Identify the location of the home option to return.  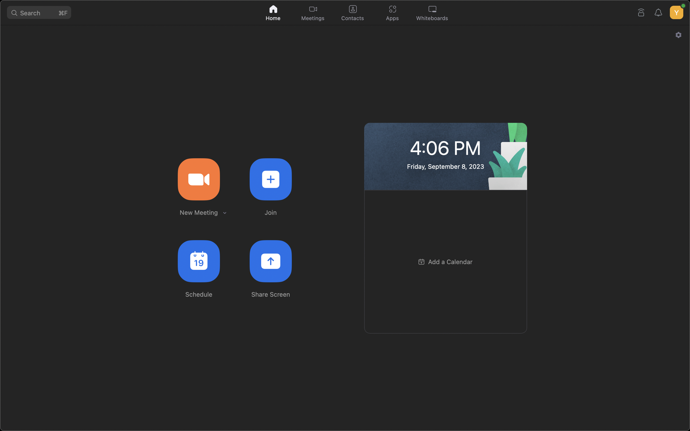
(273, 12).